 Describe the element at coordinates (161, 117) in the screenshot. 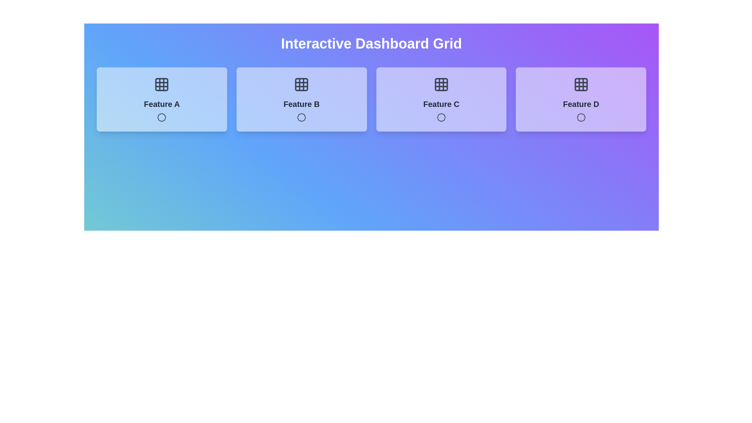

I see `the decorative SVG graphic element that indicates the state of 'Feature A', positioned centrally below the 'Feature A' label` at that location.